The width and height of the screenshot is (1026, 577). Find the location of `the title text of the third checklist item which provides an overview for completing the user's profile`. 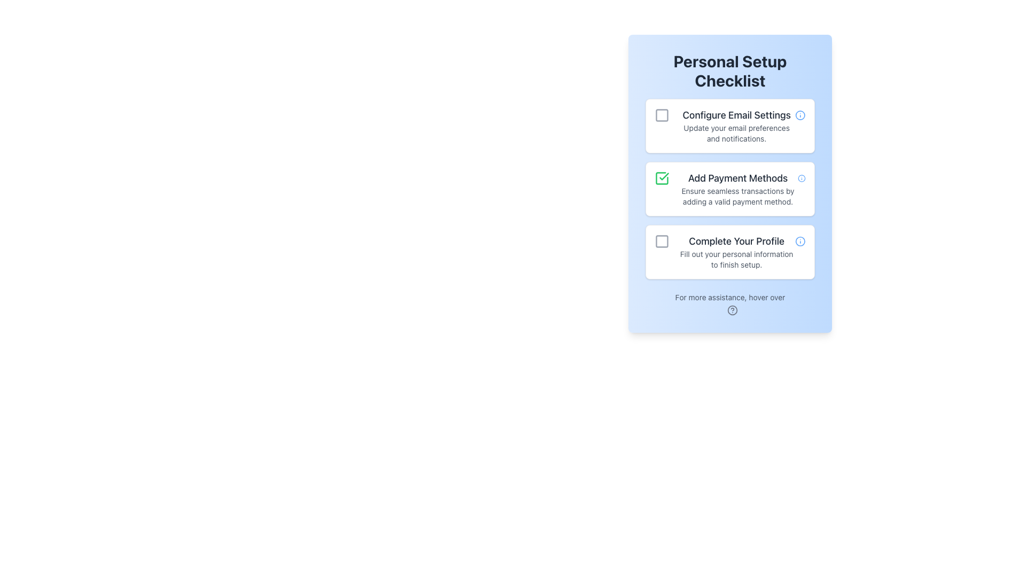

the title text of the third checklist item which provides an overview for completing the user's profile is located at coordinates (736, 241).